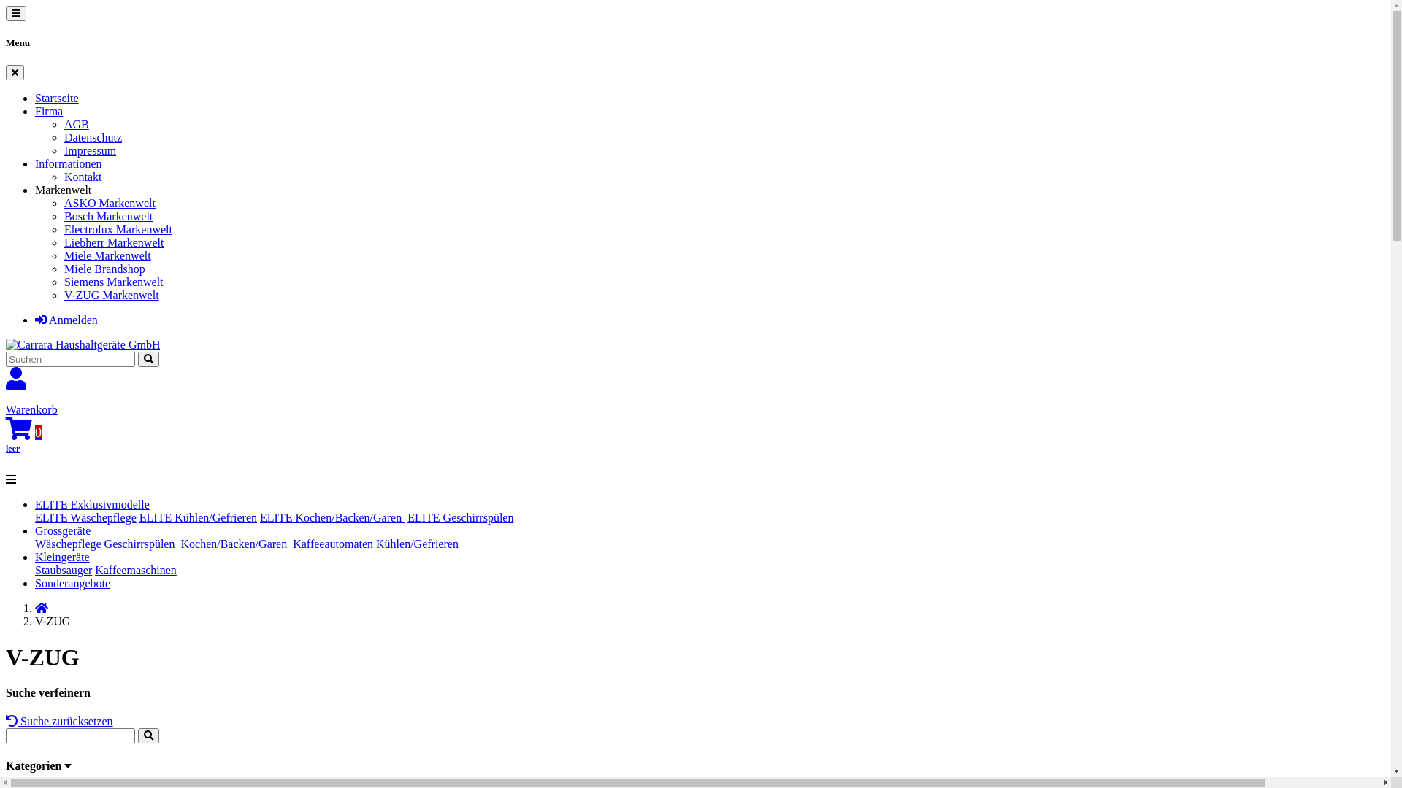 This screenshot has height=788, width=1402. Describe the element at coordinates (91, 503) in the screenshot. I see `'ELITE Exklusivmodelle'` at that location.